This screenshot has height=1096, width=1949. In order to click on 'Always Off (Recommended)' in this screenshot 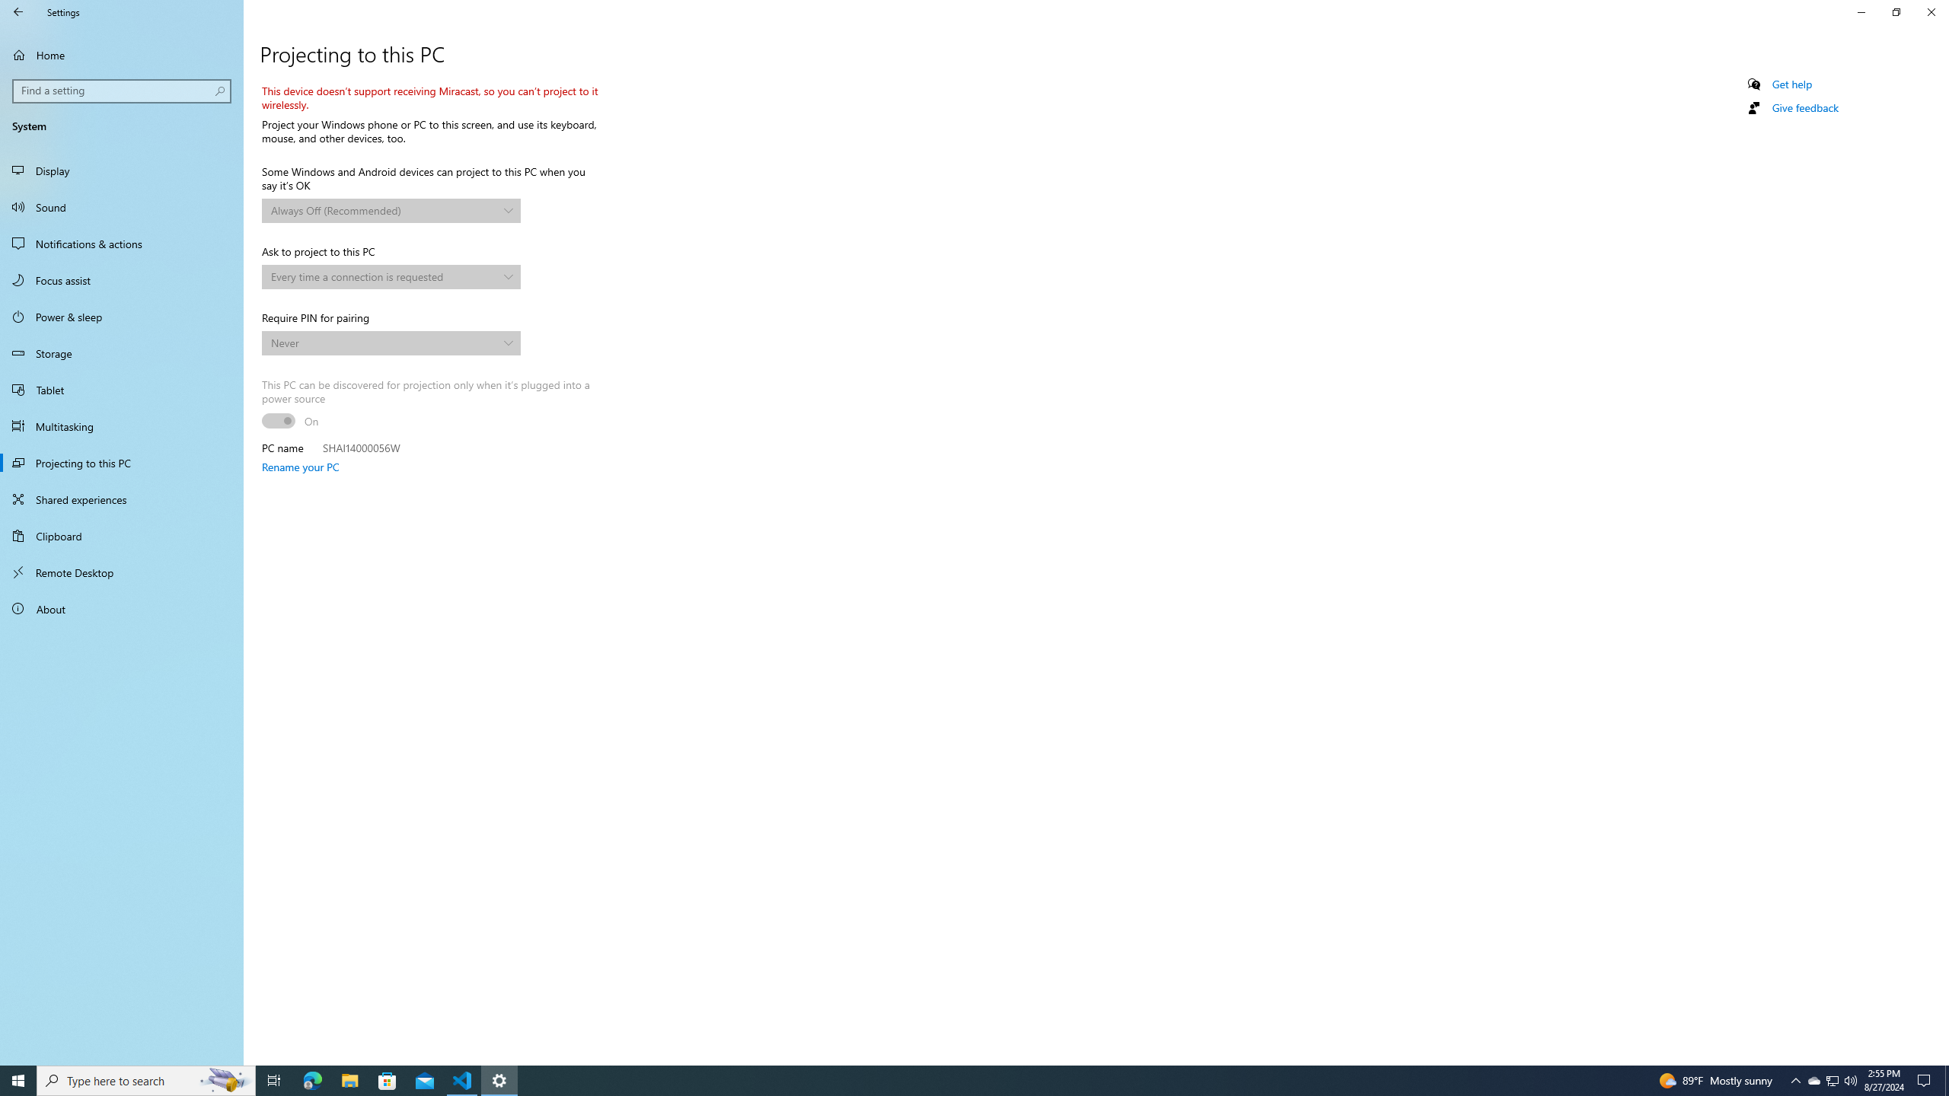, I will do `click(384, 209)`.